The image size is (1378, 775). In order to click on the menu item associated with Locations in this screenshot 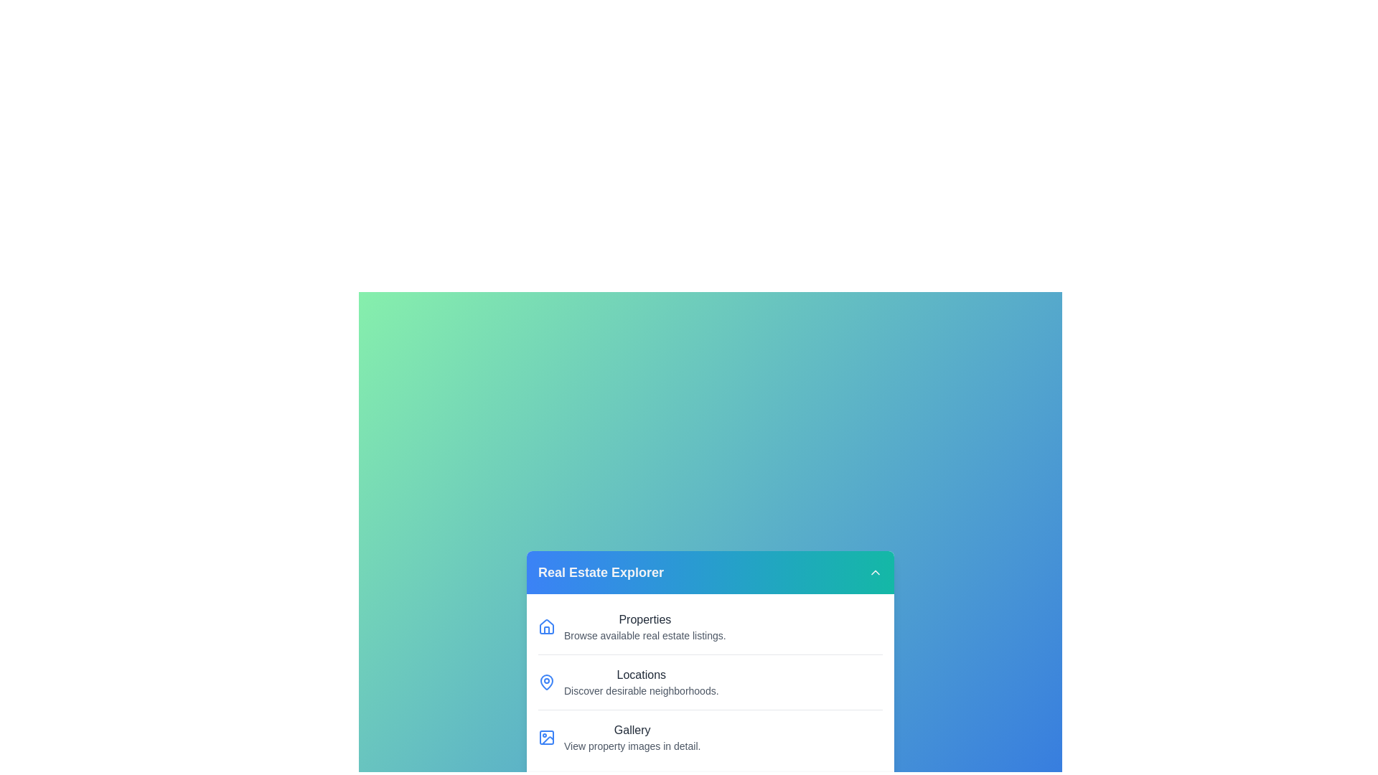, I will do `click(546, 682)`.